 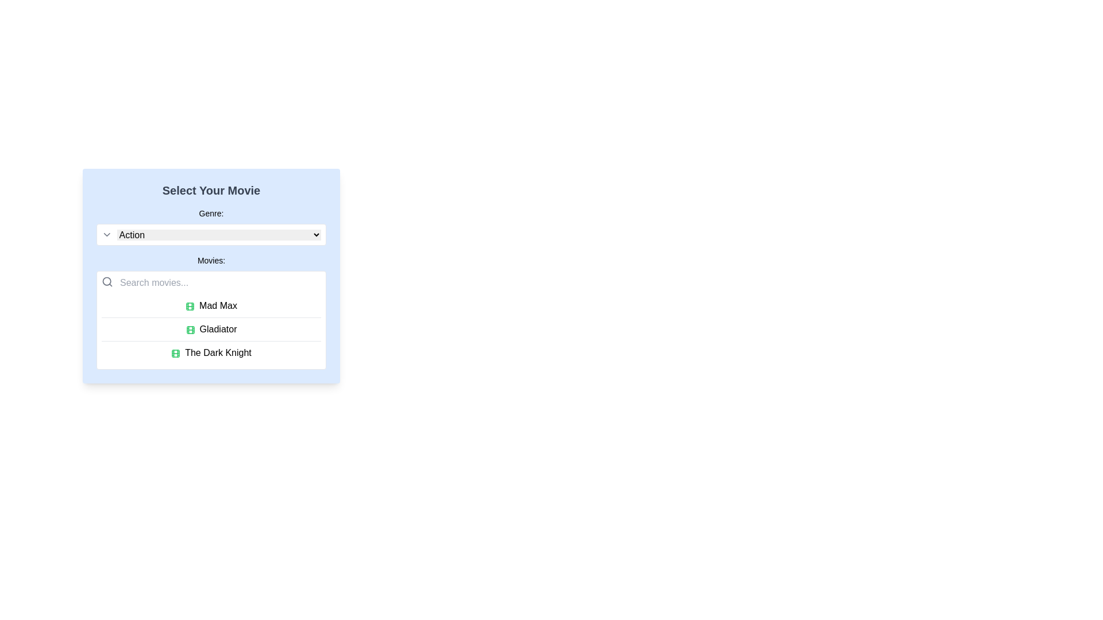 What do you see at coordinates (211, 312) in the screenshot?
I see `a specific movie title in the list of selectable movie options displayed below the 'Genre:' section within the card labeled 'Select Your Movie'` at bounding box center [211, 312].